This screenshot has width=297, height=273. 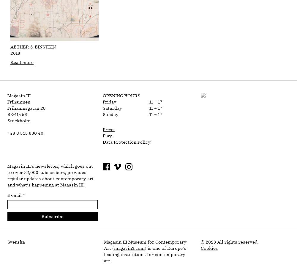 I want to click on 'Data Protection Policy', so click(x=126, y=142).